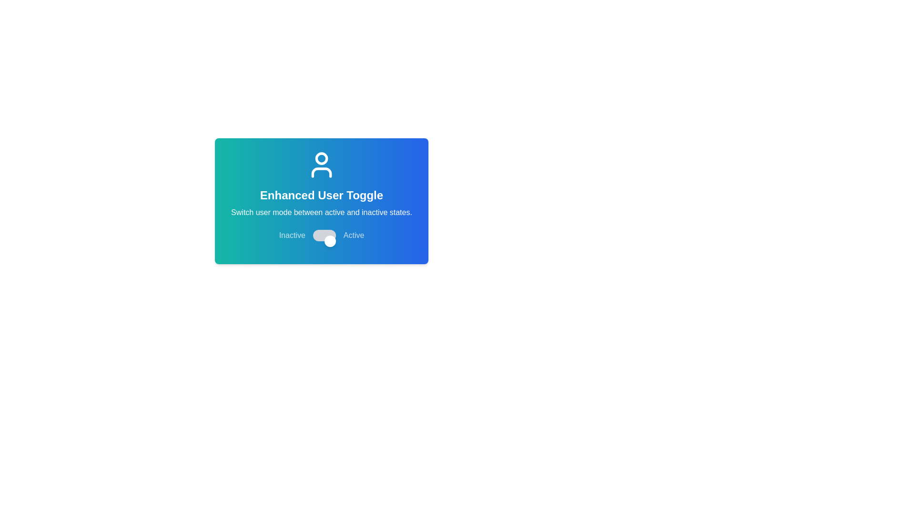  Describe the element at coordinates (353, 235) in the screenshot. I see `the 'Active' state label located to the right of the toggle switch in the 'Enhanced User Toggle' card` at that location.